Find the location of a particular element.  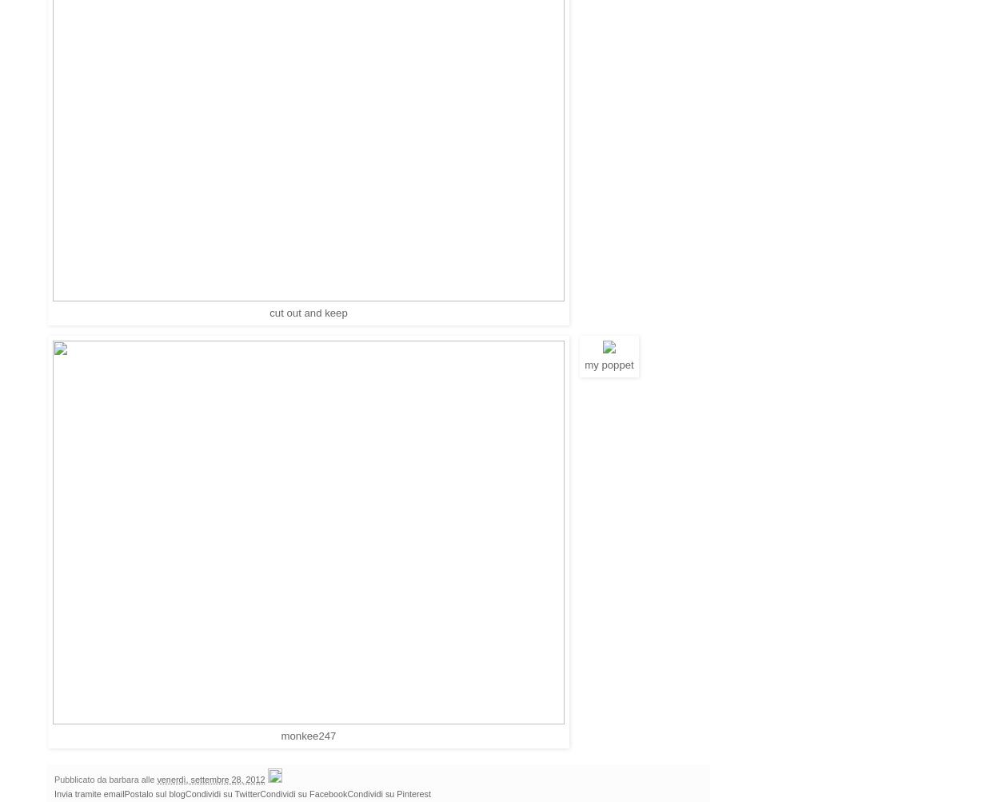

'Condividi su Twitter' is located at coordinates (222, 792).